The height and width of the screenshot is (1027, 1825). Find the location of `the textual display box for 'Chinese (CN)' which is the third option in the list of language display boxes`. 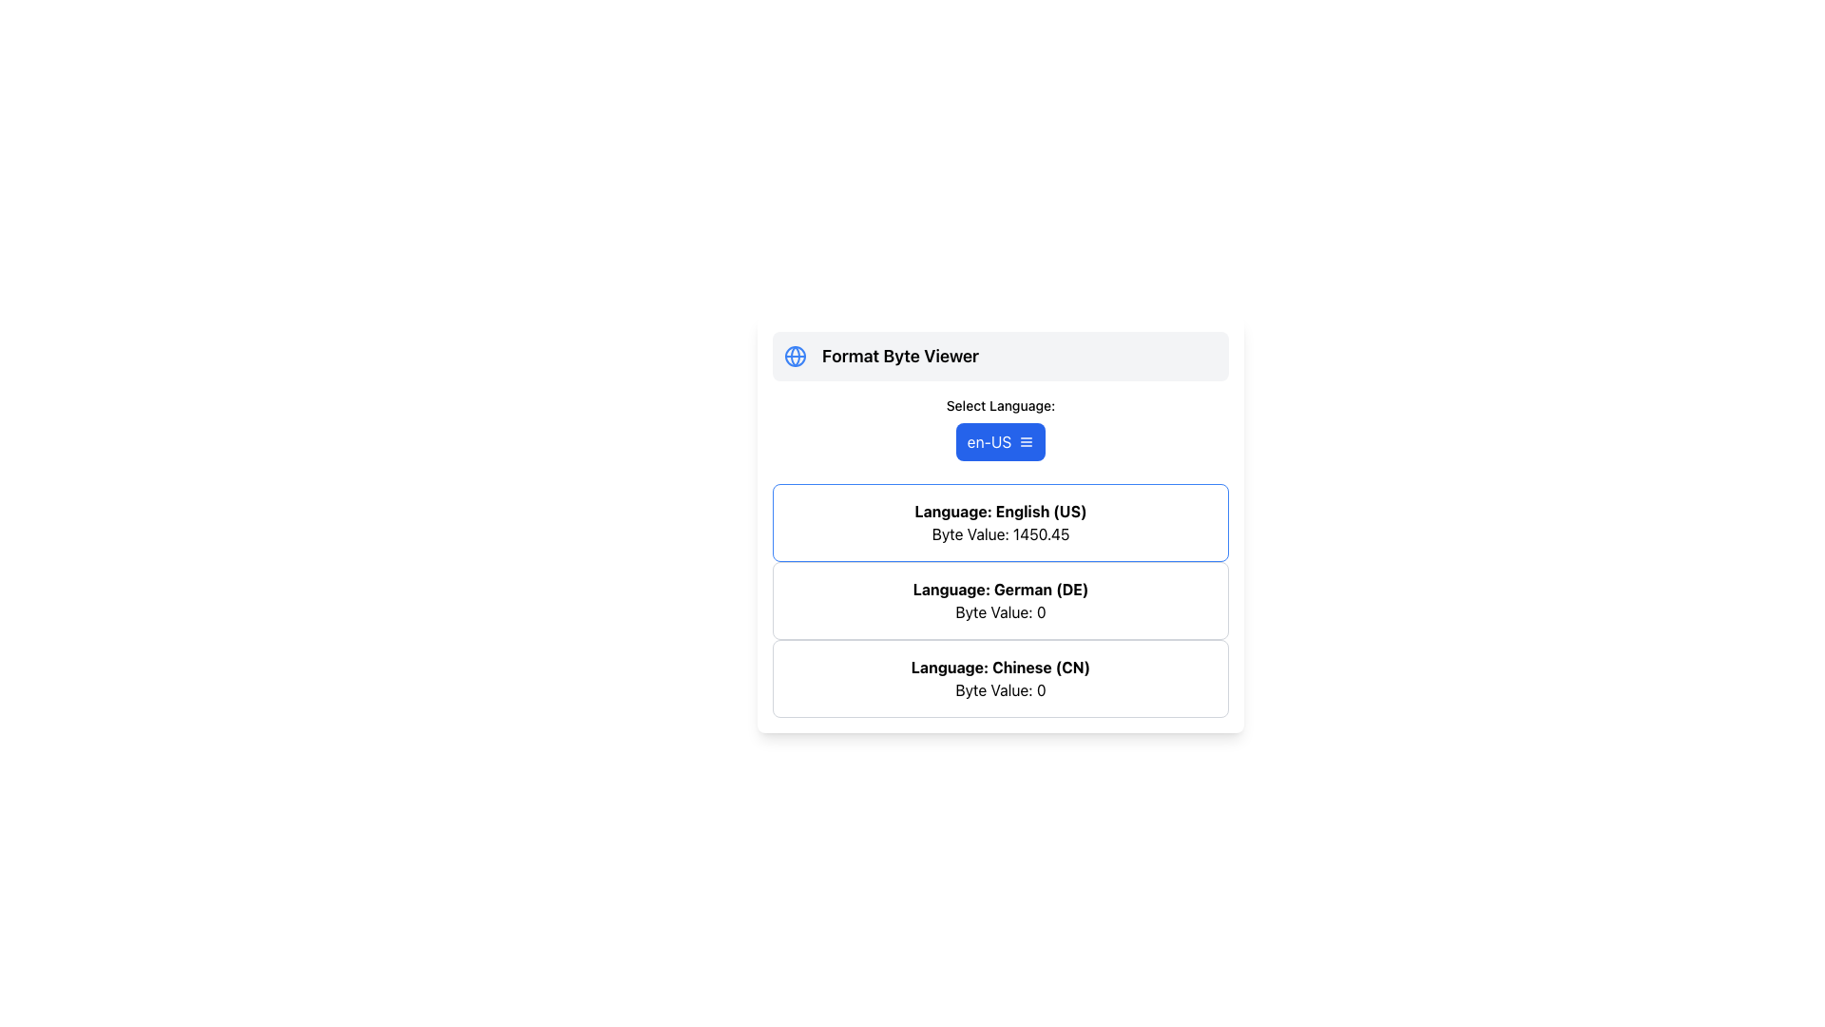

the textual display box for 'Chinese (CN)' which is the third option in the list of language display boxes is located at coordinates (999, 677).